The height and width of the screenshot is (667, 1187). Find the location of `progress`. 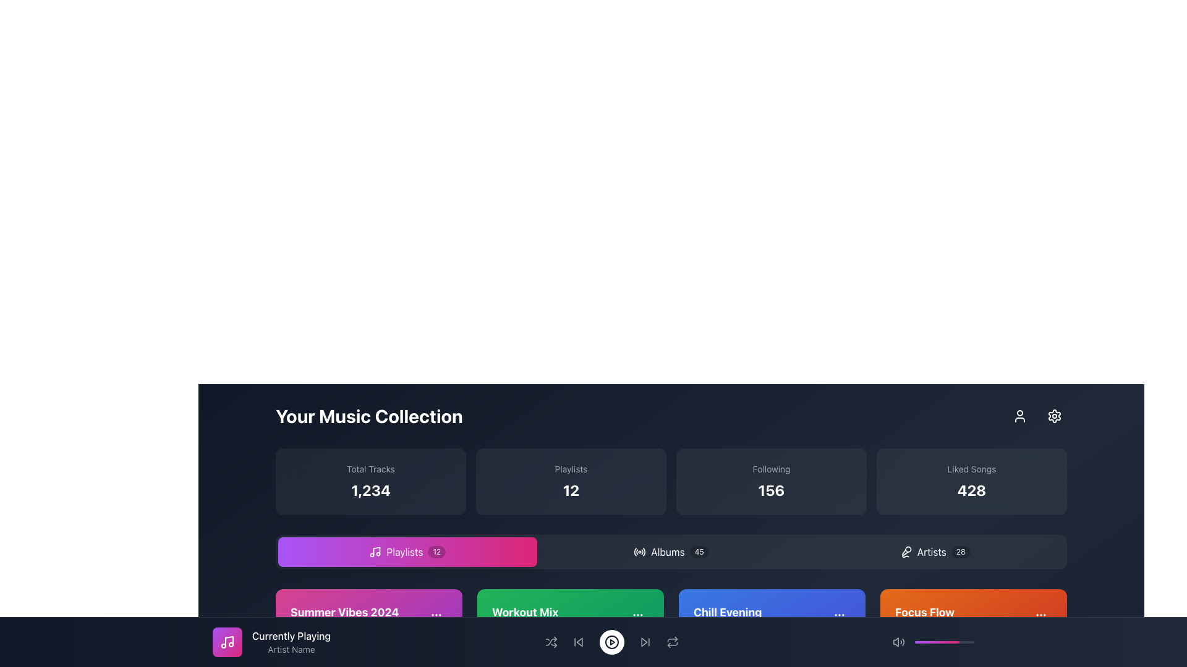

progress is located at coordinates (968, 642).